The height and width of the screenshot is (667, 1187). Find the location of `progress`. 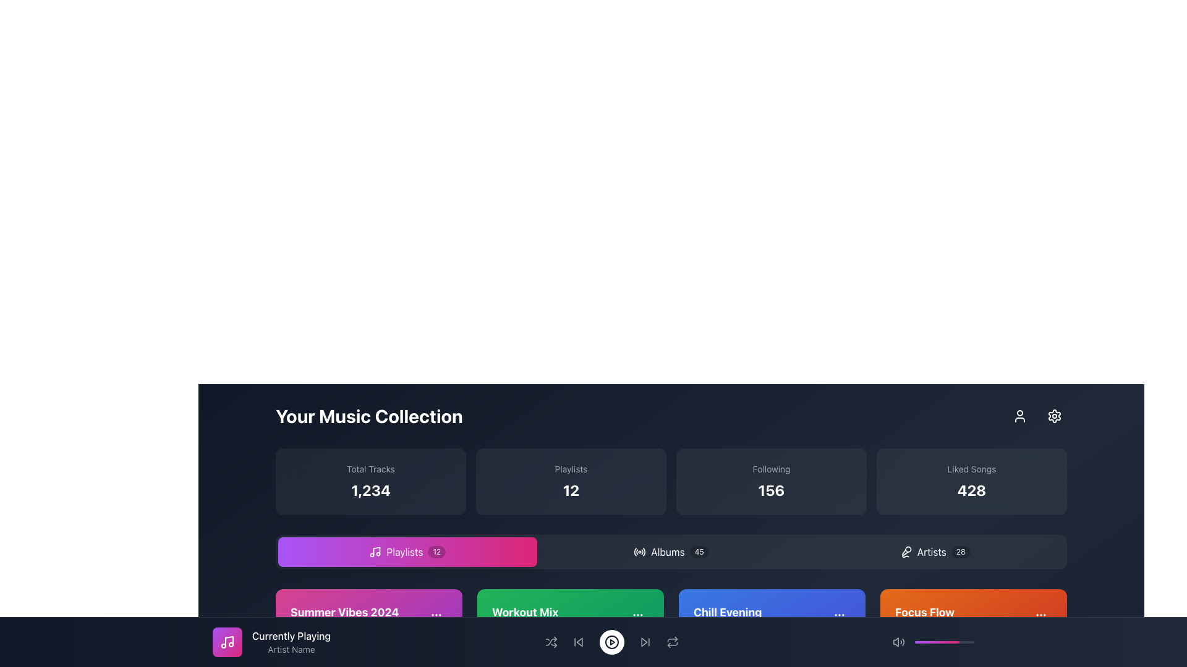

progress is located at coordinates (968, 642).